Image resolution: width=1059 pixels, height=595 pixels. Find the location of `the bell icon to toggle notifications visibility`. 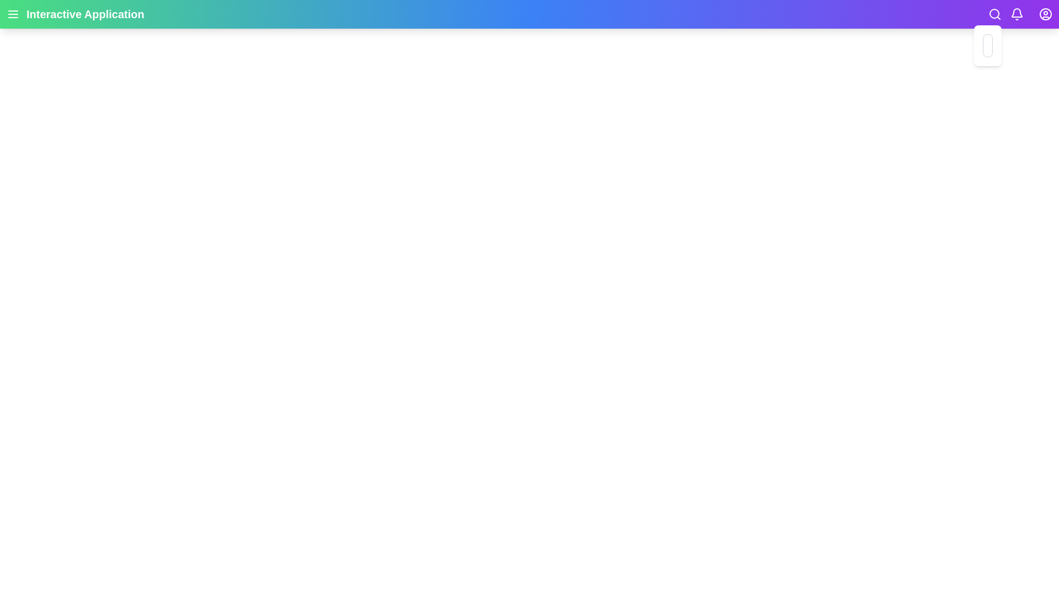

the bell icon to toggle notifications visibility is located at coordinates (1016, 14).